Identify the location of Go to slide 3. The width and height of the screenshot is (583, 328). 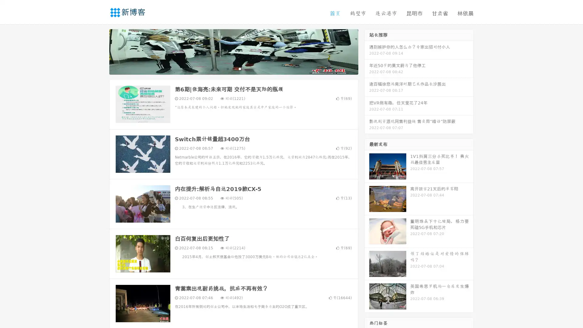
(240, 68).